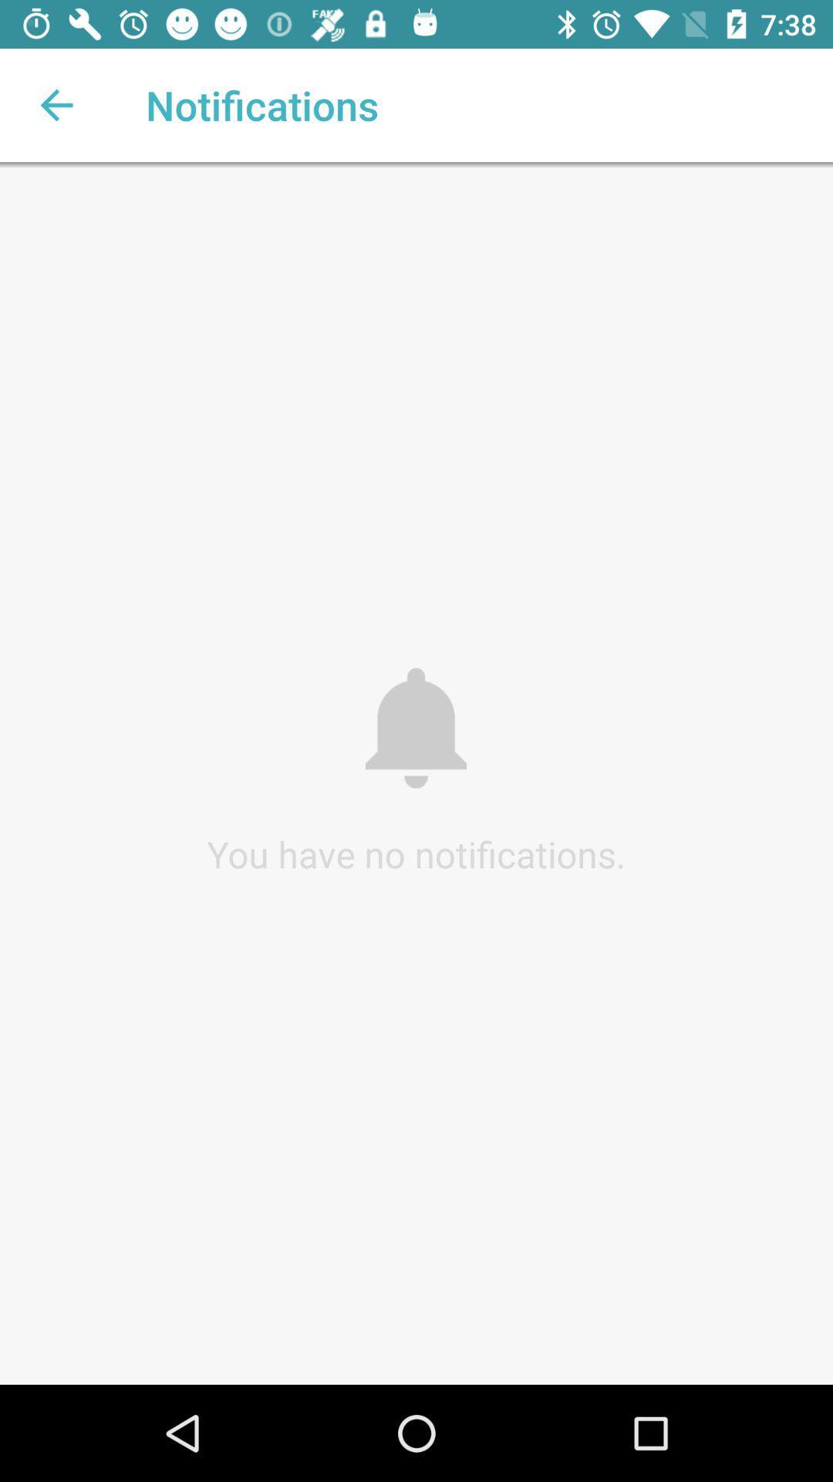  Describe the element at coordinates (56, 104) in the screenshot. I see `the item next to notifications item` at that location.